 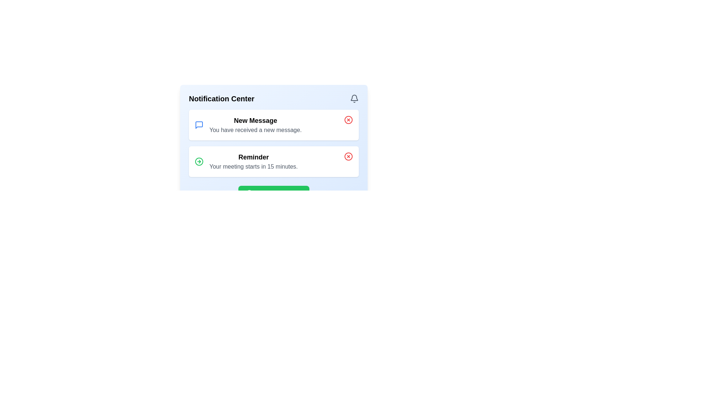 What do you see at coordinates (274, 193) in the screenshot?
I see `the rectangular button with a green background and white text that reads 'Mark All As Read', located at the bottom of the notification card` at bounding box center [274, 193].